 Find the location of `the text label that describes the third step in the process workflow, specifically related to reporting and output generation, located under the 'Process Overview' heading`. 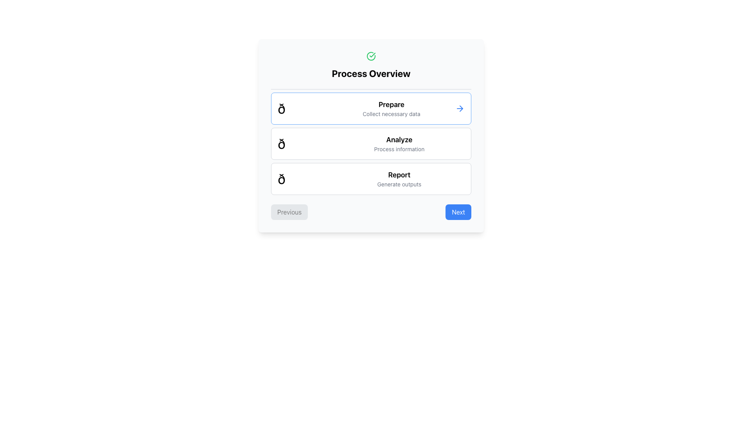

the text label that describes the third step in the process workflow, specifically related to reporting and output generation, located under the 'Process Overview' heading is located at coordinates (399, 179).